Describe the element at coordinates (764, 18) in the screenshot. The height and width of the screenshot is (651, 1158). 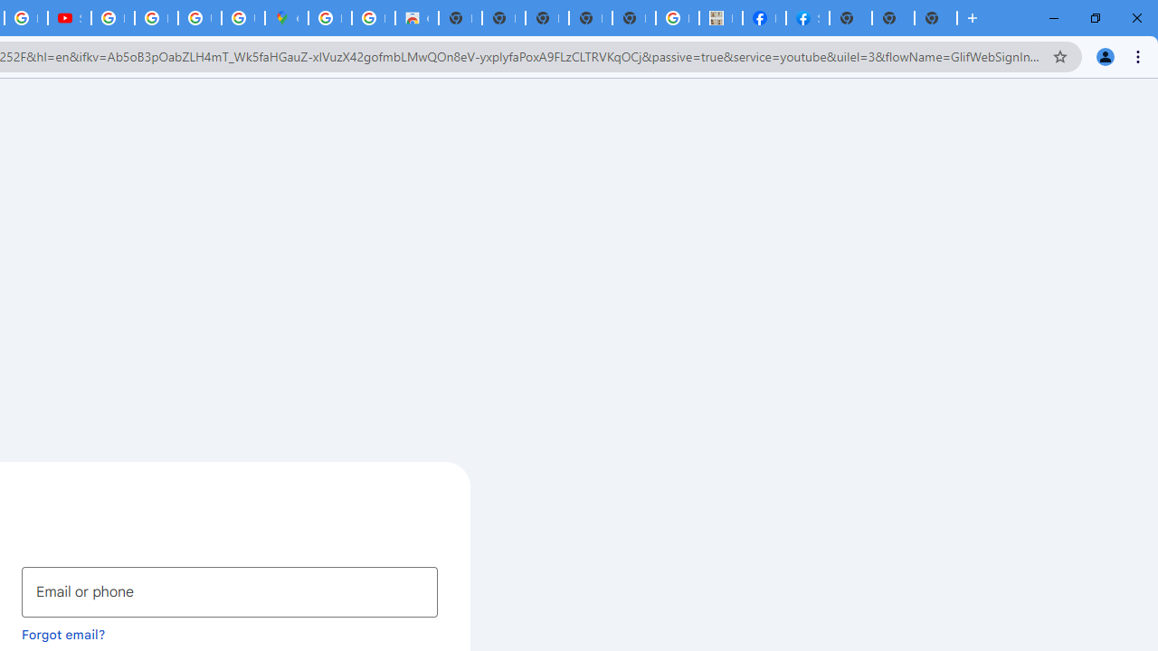
I see `'Miley Cyrus | Facebook'` at that location.